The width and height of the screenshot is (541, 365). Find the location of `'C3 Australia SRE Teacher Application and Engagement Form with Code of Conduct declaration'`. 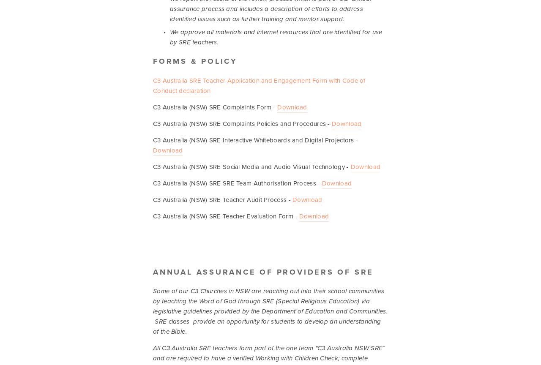

'C3 Australia SRE Teacher Application and Engagement Form with Code of Conduct declaration' is located at coordinates (260, 85).